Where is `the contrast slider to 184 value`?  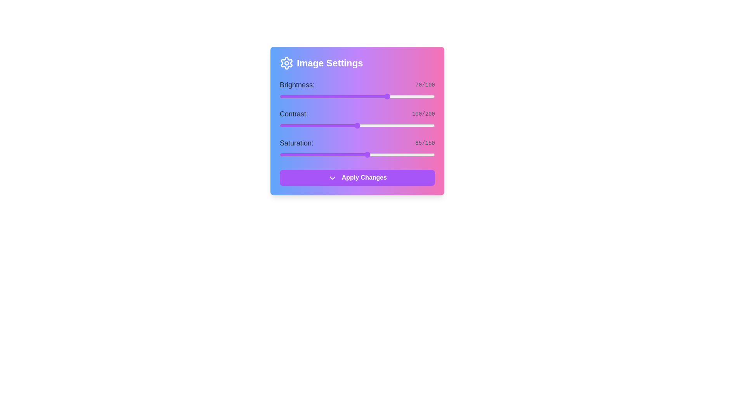 the contrast slider to 184 value is located at coordinates (422, 125).